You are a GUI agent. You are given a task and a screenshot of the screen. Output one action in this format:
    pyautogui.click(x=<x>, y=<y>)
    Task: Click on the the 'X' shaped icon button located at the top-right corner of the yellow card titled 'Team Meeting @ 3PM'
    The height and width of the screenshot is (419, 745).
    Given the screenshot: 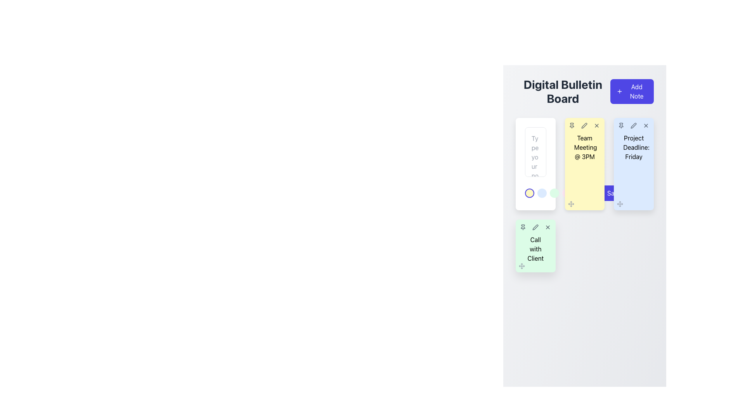 What is the action you would take?
    pyautogui.click(x=596, y=125)
    